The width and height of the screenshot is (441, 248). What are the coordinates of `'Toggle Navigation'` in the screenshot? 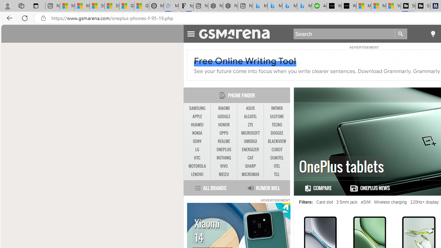 It's located at (191, 33).